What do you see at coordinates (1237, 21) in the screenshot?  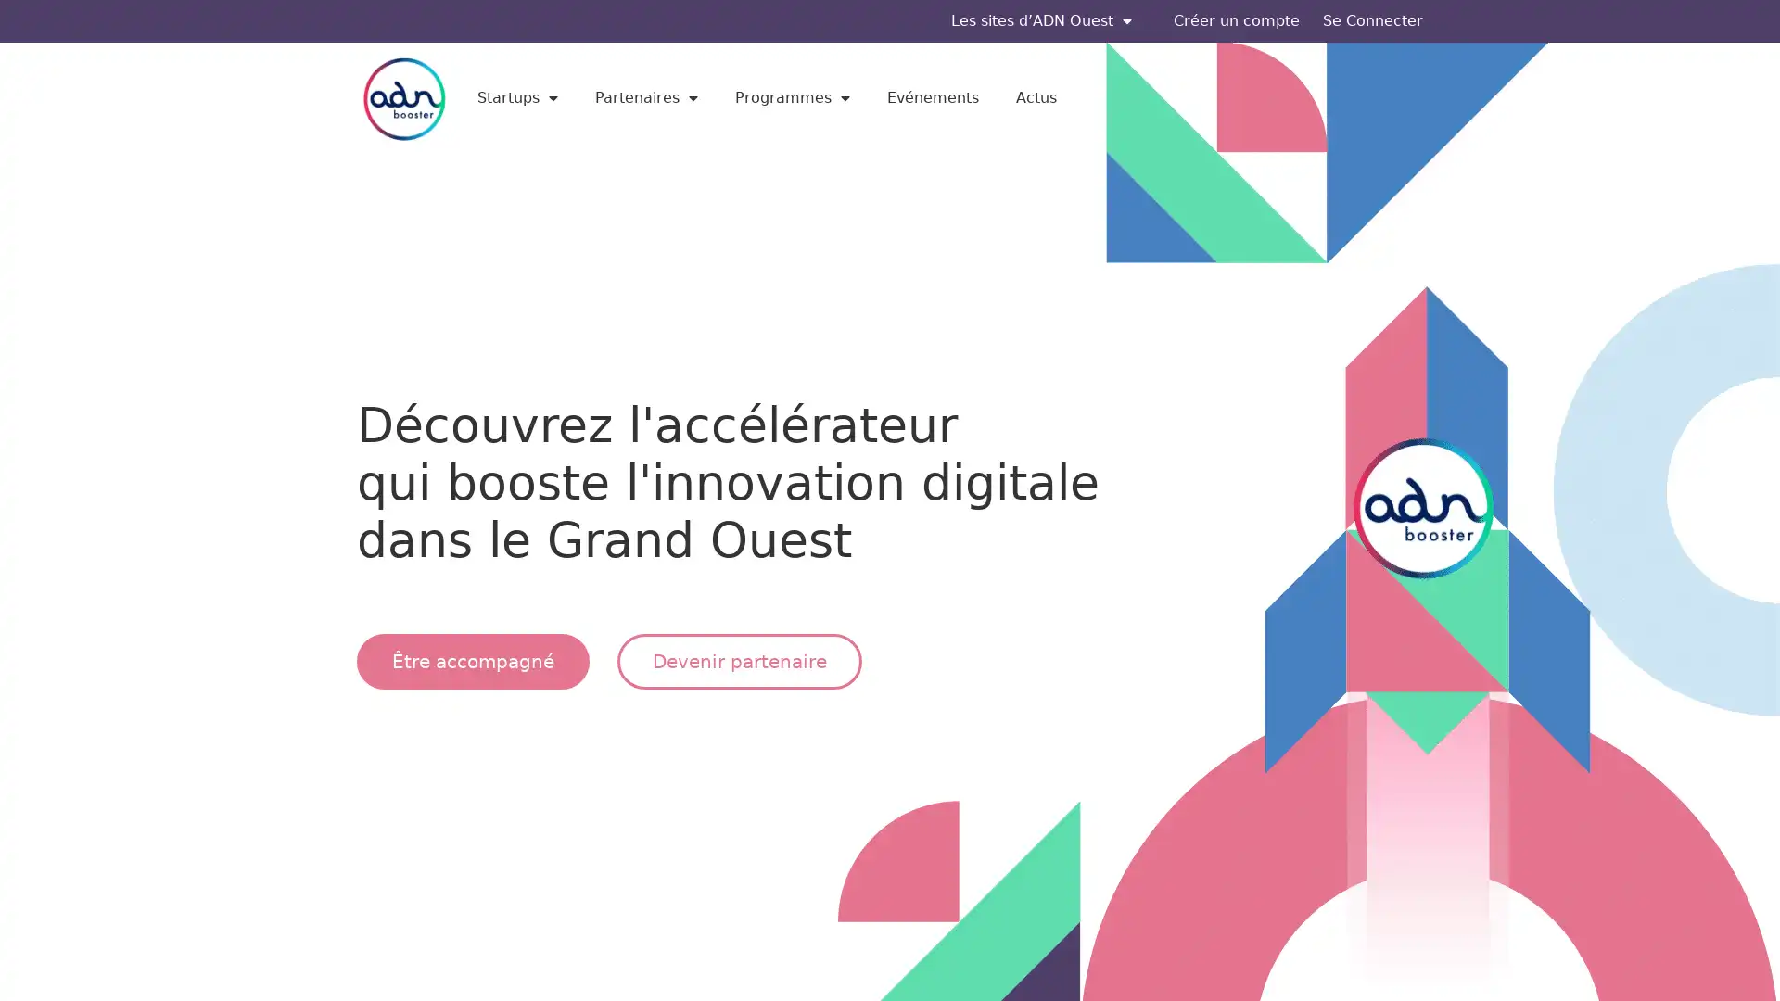 I see `Creer un compte` at bounding box center [1237, 21].